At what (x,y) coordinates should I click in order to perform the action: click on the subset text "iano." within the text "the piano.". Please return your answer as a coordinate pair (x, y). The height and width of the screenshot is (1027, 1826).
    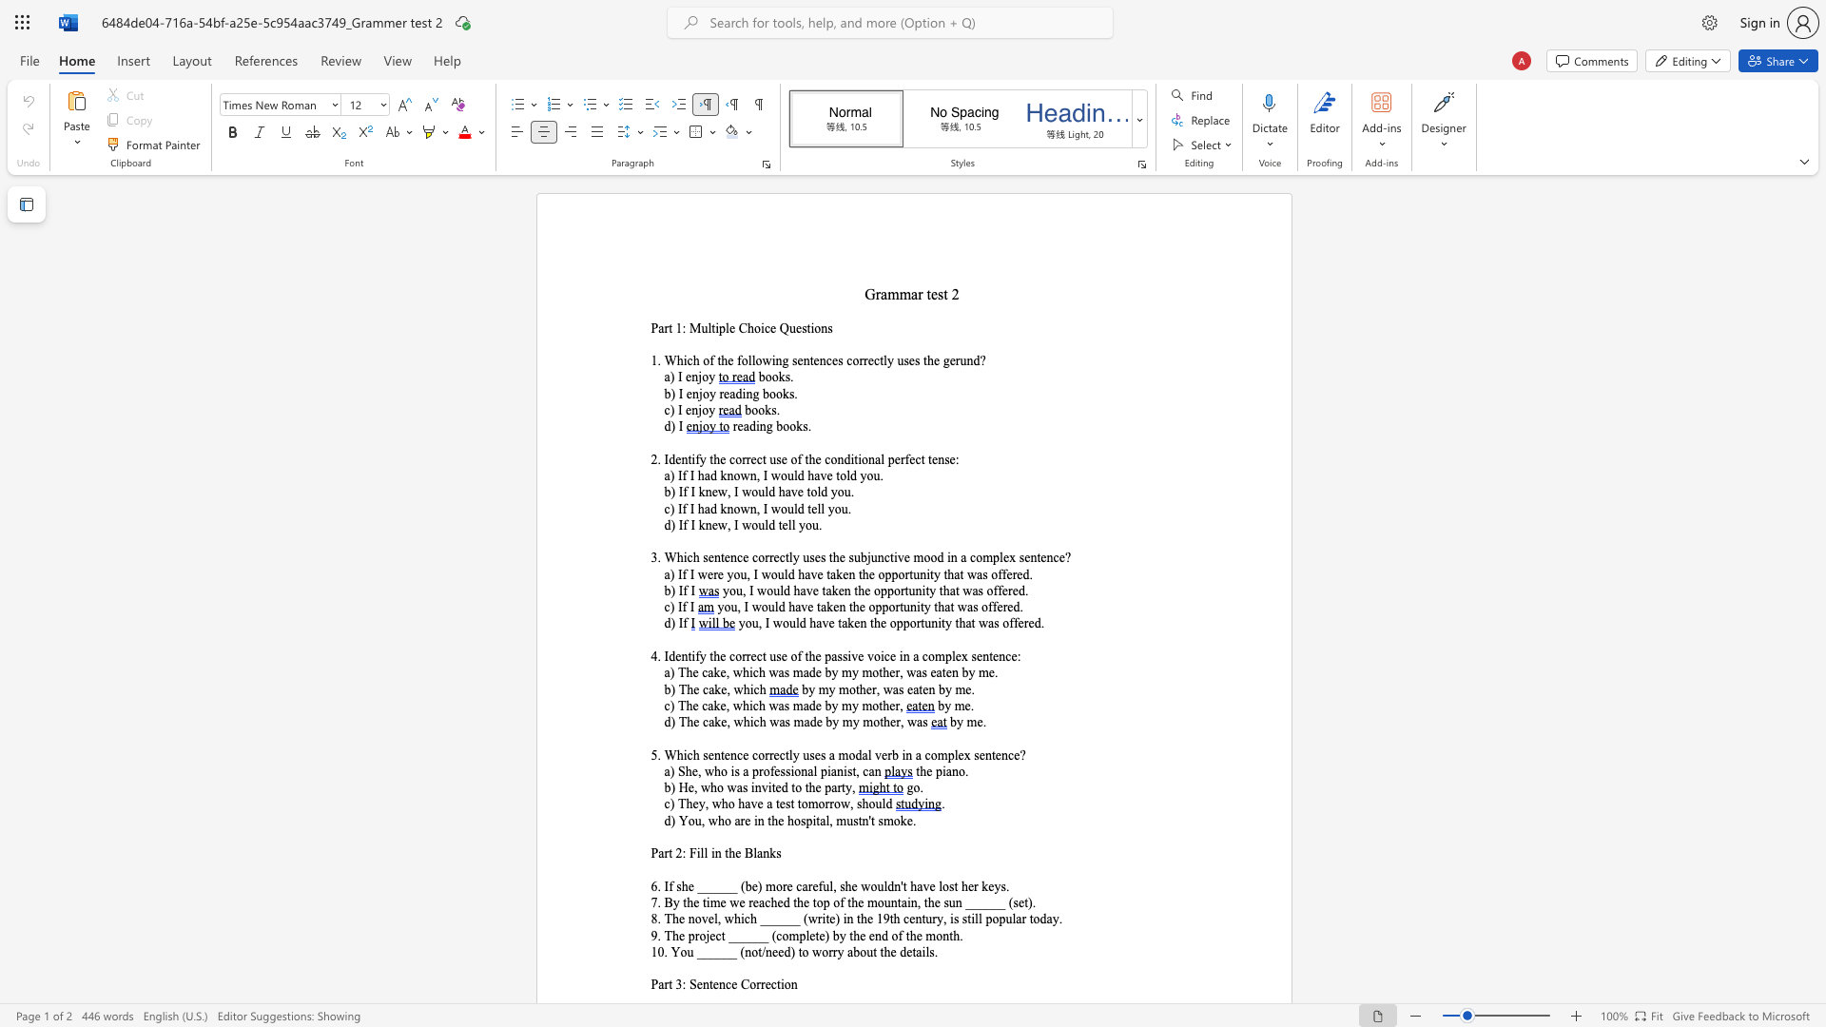
    Looking at the image, I should click on (942, 771).